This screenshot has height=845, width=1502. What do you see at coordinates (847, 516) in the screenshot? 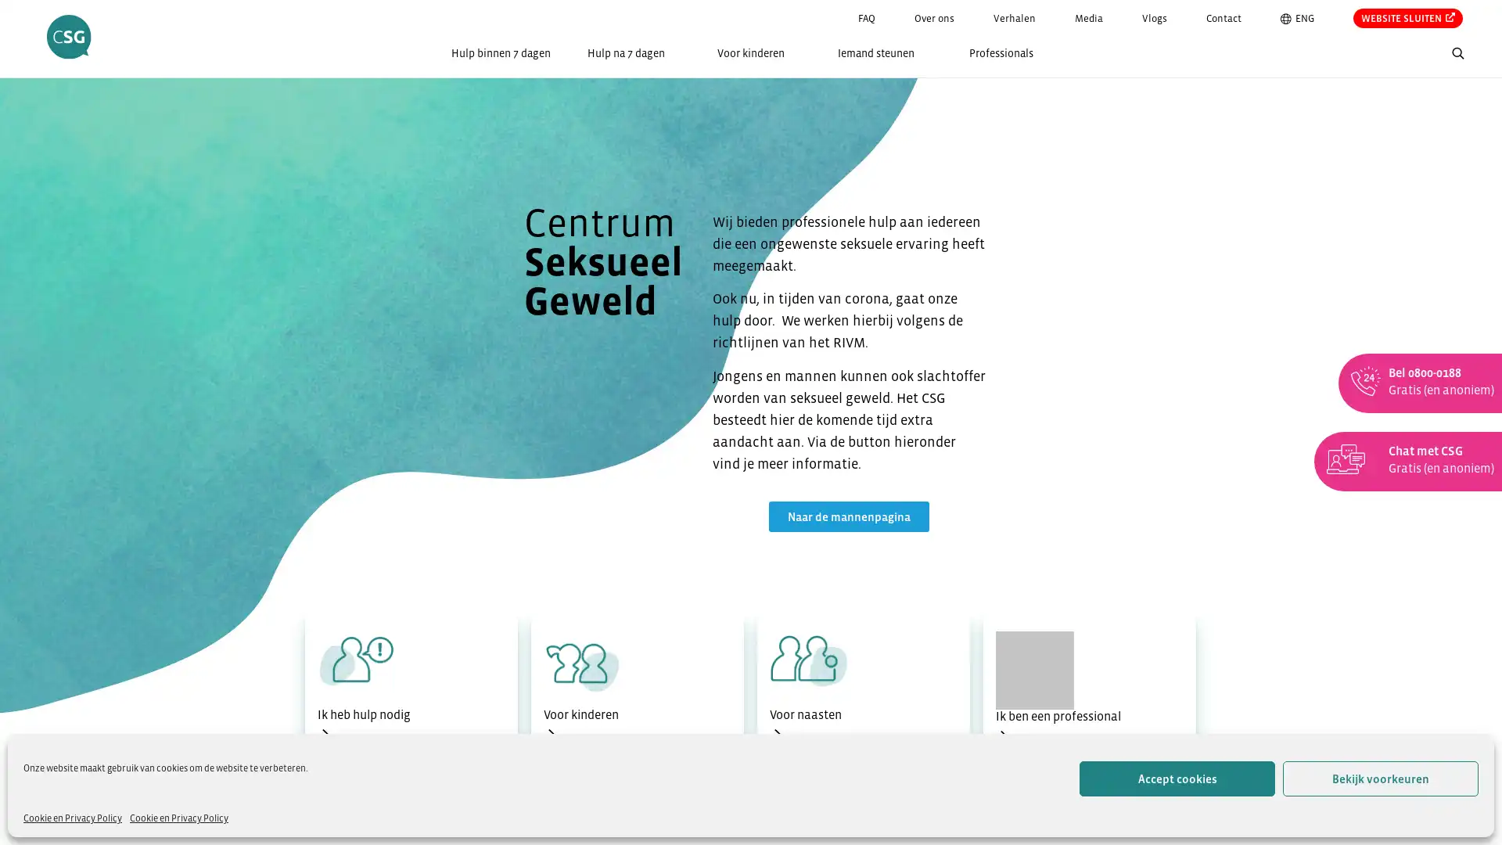
I see `Naar de mannenpagina` at bounding box center [847, 516].